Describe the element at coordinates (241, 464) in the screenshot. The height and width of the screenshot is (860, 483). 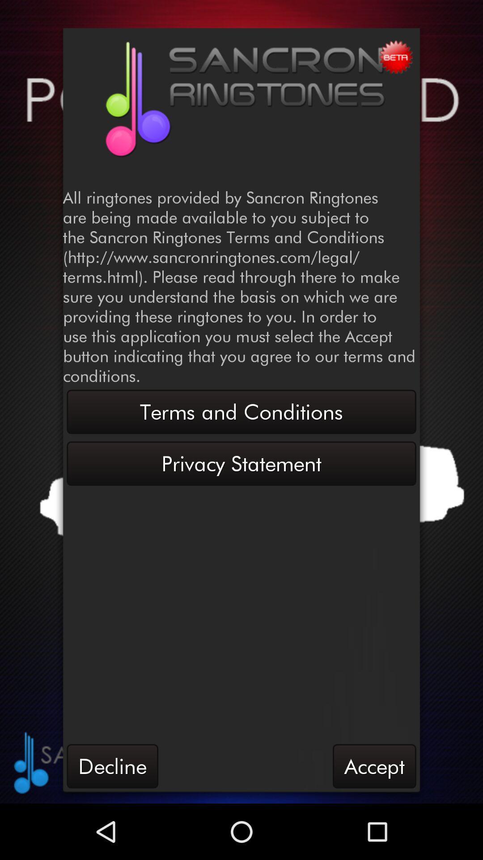
I see `the privacy statement item` at that location.